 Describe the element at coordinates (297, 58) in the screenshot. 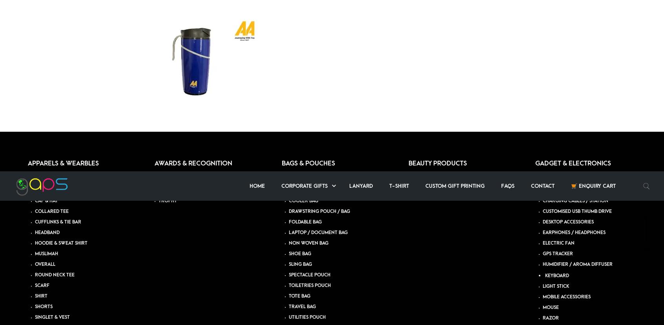

I see `'MAGNET'` at that location.